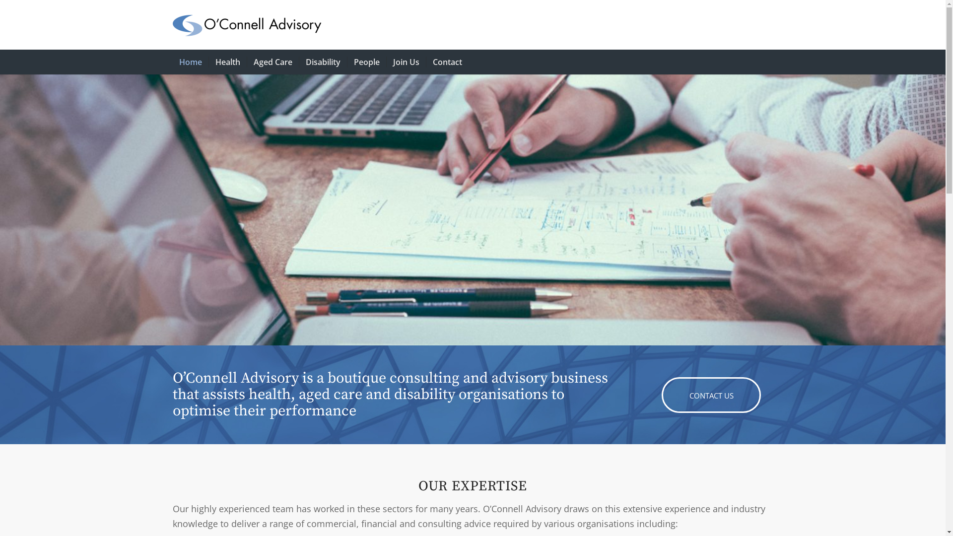  What do you see at coordinates (227, 62) in the screenshot?
I see `'Health'` at bounding box center [227, 62].